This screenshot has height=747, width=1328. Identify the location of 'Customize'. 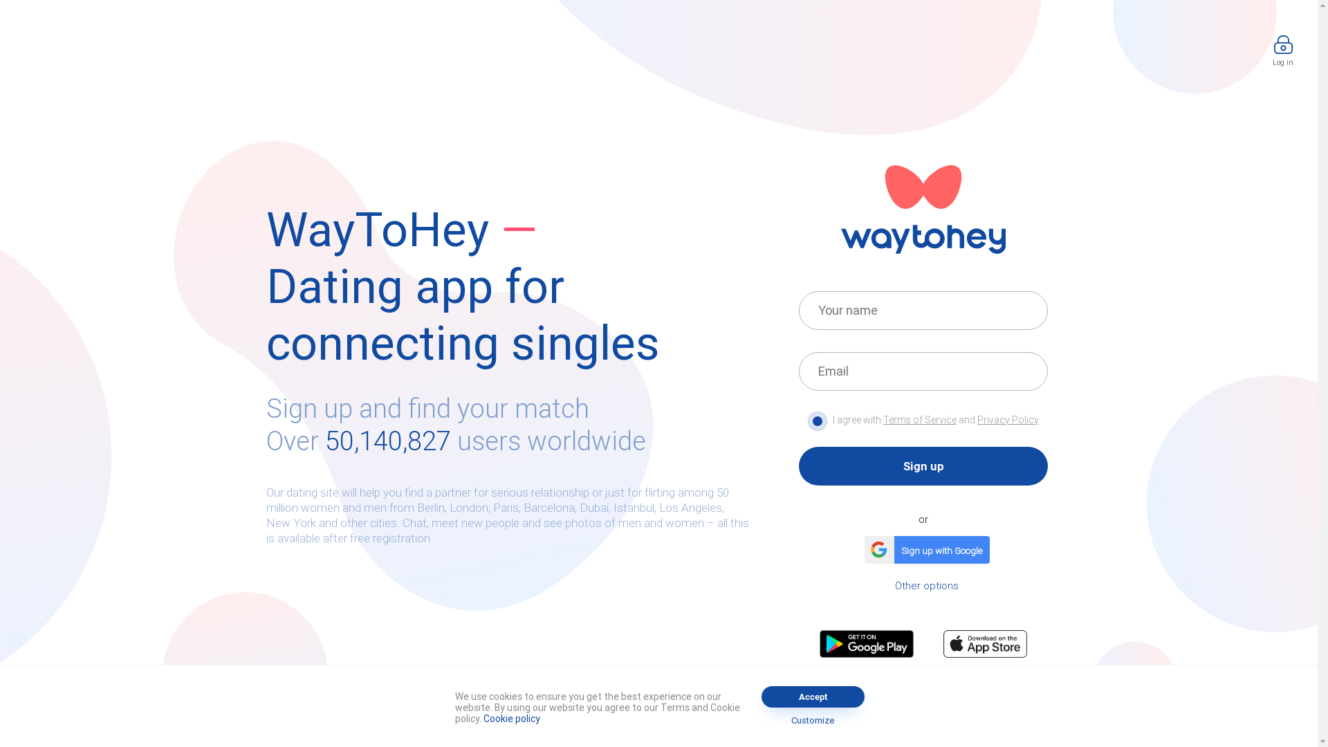
(766, 719).